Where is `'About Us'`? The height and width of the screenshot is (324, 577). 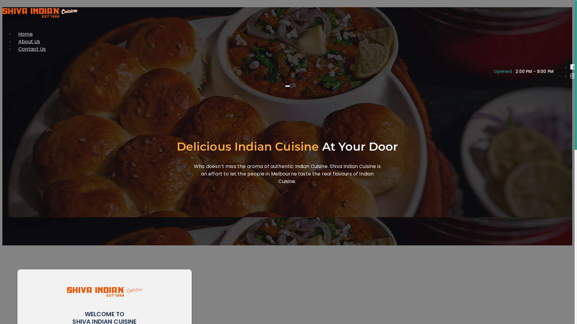 'About Us' is located at coordinates (29, 41).